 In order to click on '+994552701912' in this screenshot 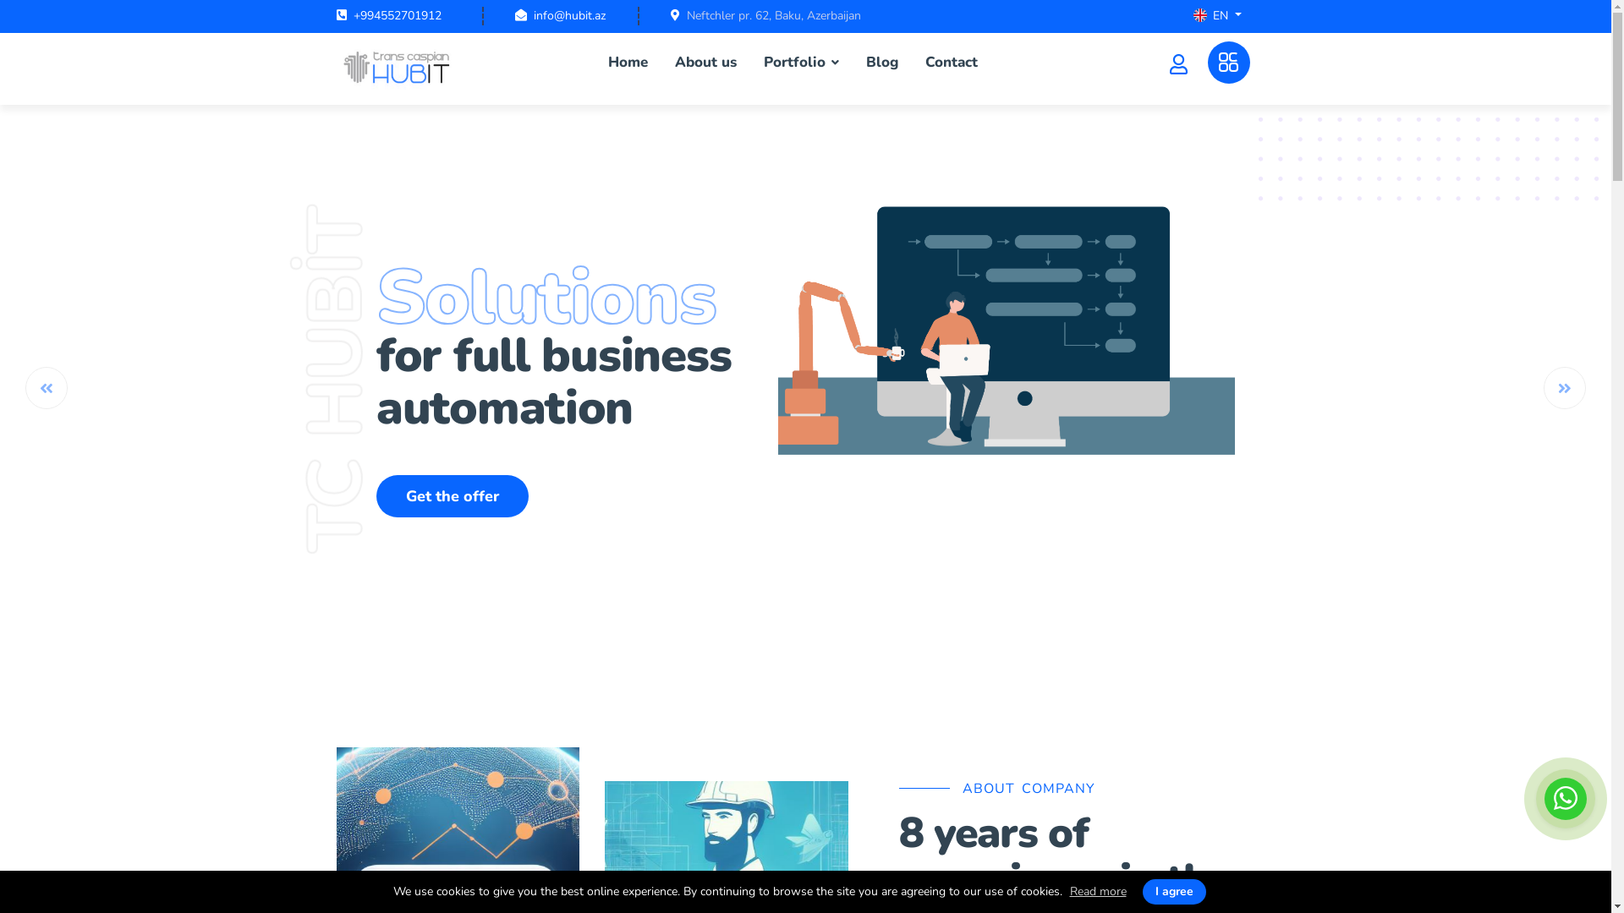, I will do `click(397, 15)`.